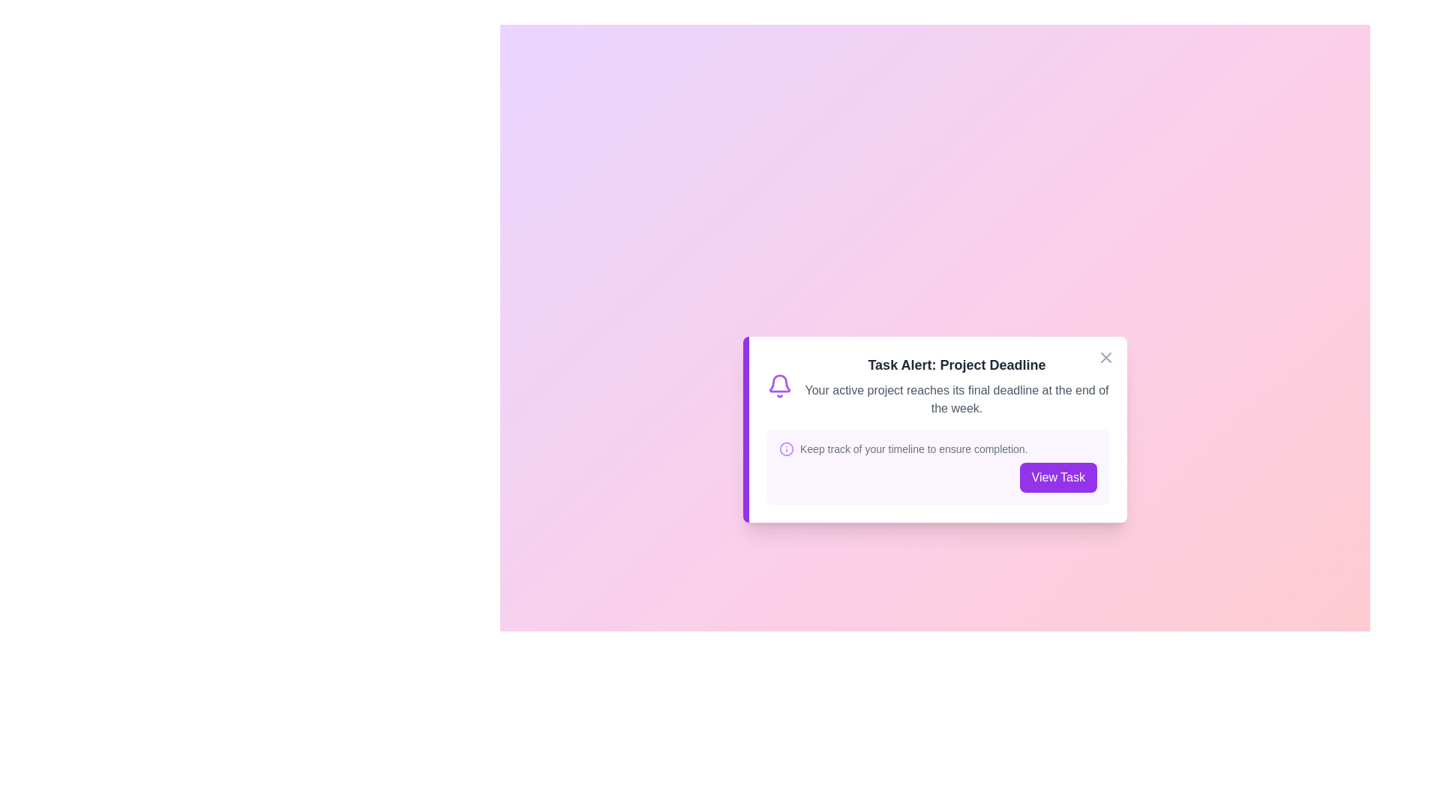 The width and height of the screenshot is (1440, 810). I want to click on 'View Task' button to view the task details, so click(1057, 477).